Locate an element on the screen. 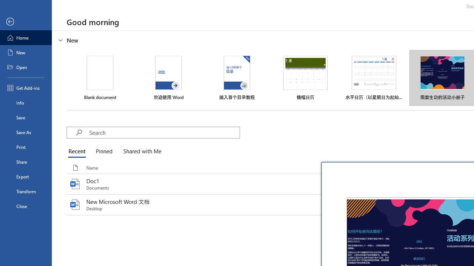  'Pinned' is located at coordinates (103, 151).